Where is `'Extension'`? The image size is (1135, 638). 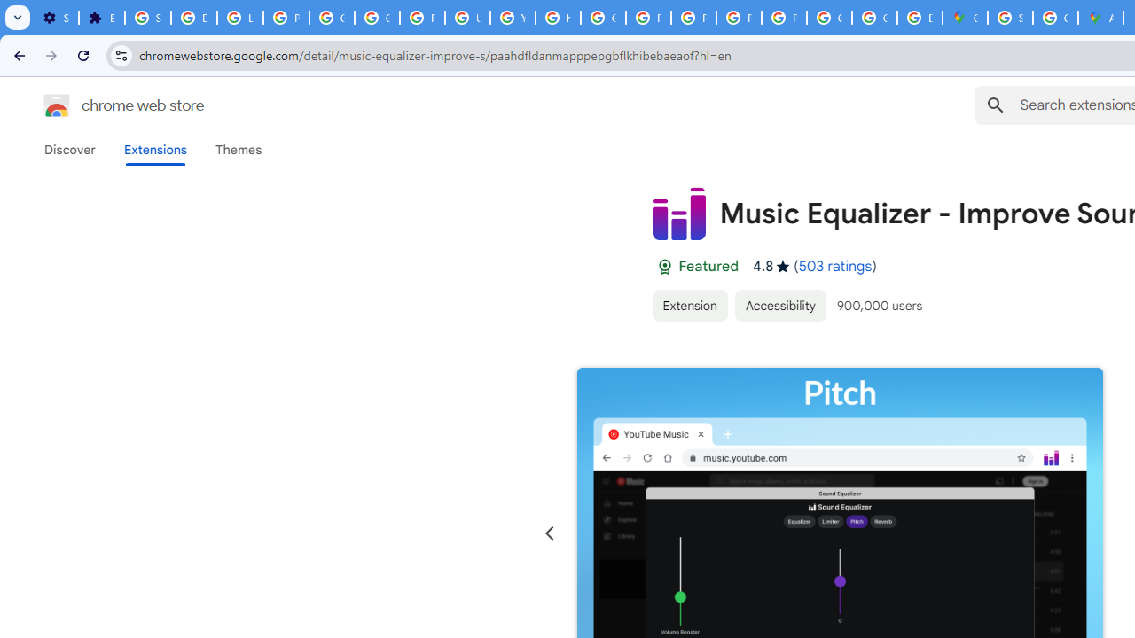 'Extension' is located at coordinates (688, 304).